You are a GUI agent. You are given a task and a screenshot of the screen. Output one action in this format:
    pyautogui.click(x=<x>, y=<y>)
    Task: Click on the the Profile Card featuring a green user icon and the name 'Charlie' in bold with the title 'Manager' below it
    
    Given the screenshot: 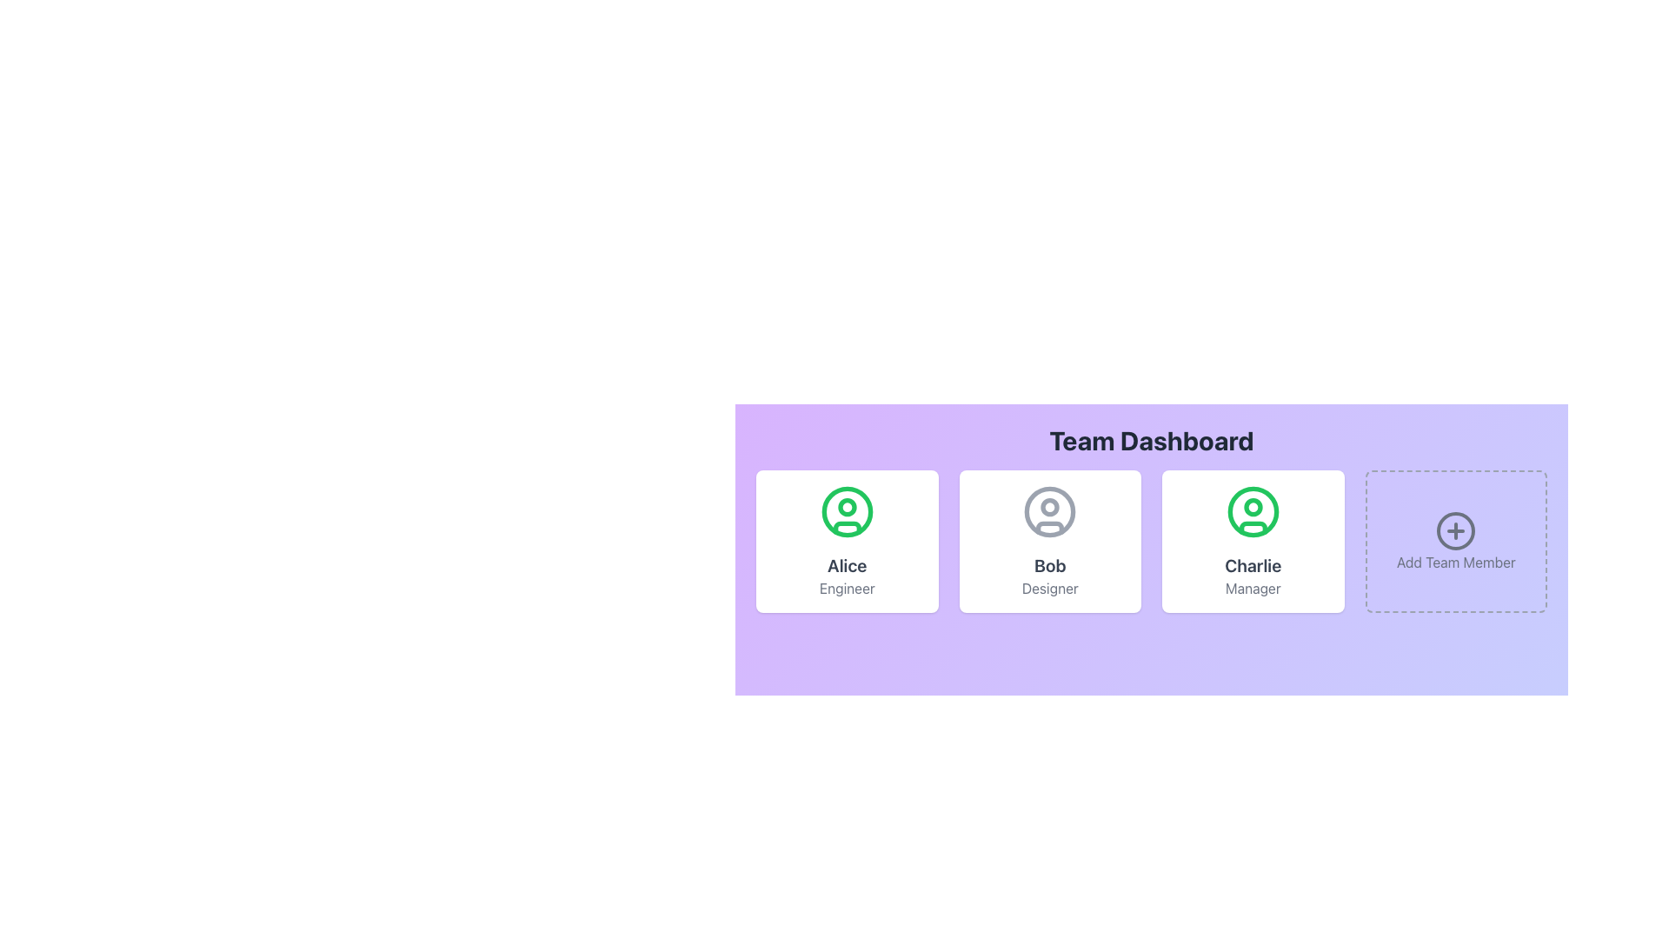 What is the action you would take?
    pyautogui.click(x=1253, y=541)
    